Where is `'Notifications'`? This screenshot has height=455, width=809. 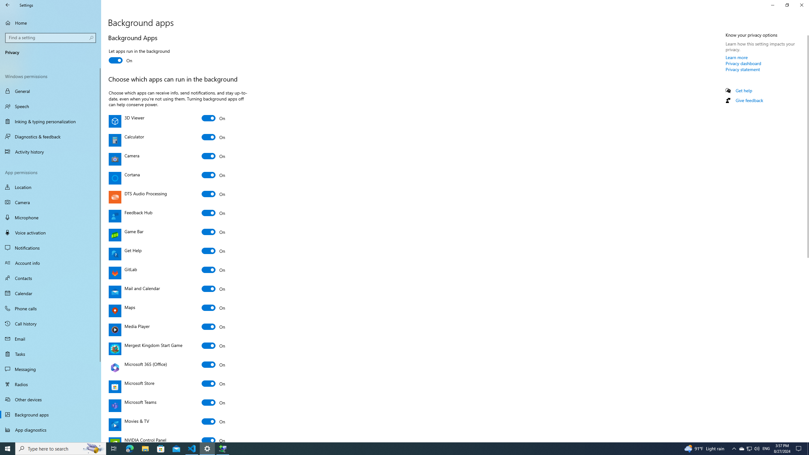
'Notifications' is located at coordinates (50, 248).